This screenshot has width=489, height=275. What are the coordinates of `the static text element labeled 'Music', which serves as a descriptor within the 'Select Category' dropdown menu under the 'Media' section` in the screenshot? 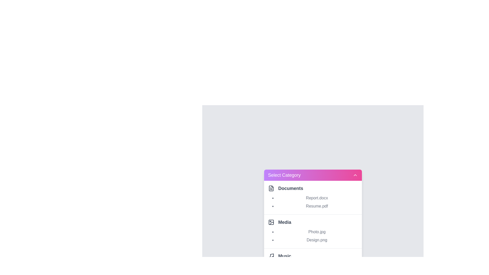 It's located at (284, 256).